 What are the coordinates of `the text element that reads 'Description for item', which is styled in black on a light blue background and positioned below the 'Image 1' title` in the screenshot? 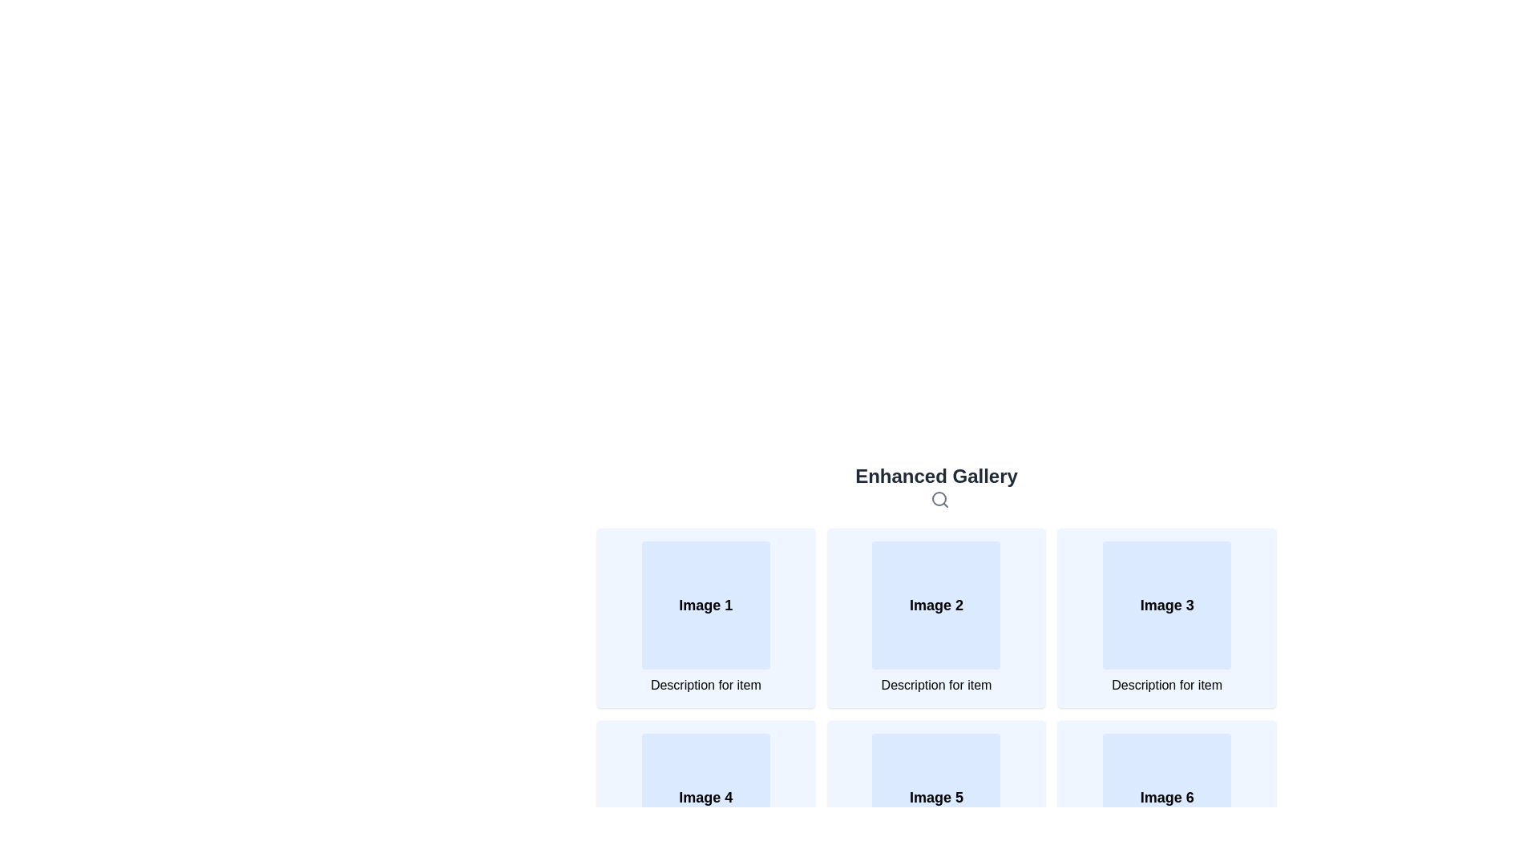 It's located at (705, 685).